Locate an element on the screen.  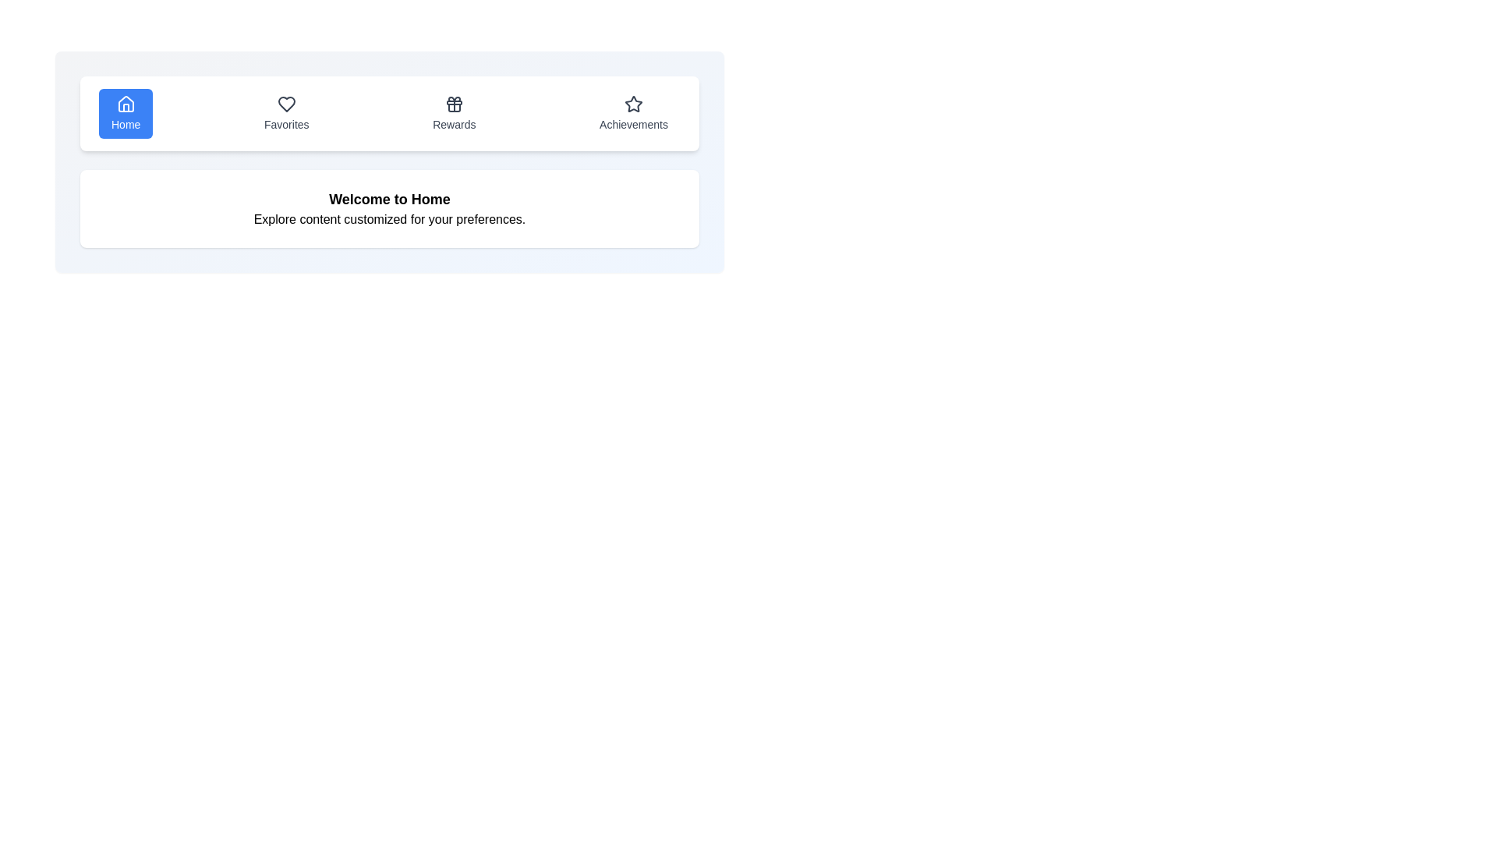
keyboard navigation is located at coordinates (453, 113).